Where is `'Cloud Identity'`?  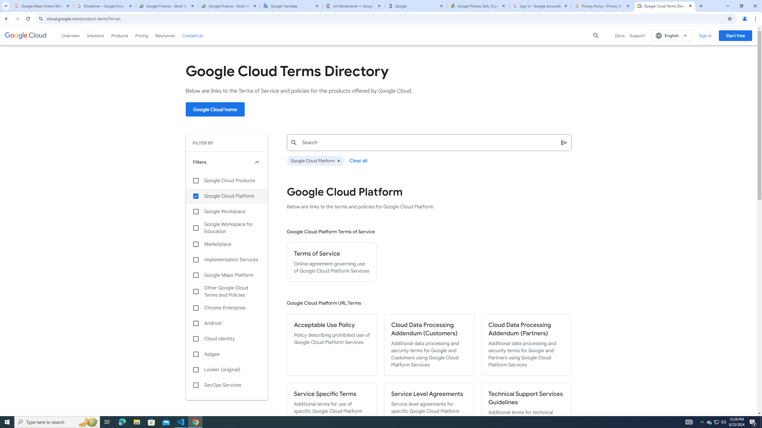 'Cloud Identity' is located at coordinates (227, 339).